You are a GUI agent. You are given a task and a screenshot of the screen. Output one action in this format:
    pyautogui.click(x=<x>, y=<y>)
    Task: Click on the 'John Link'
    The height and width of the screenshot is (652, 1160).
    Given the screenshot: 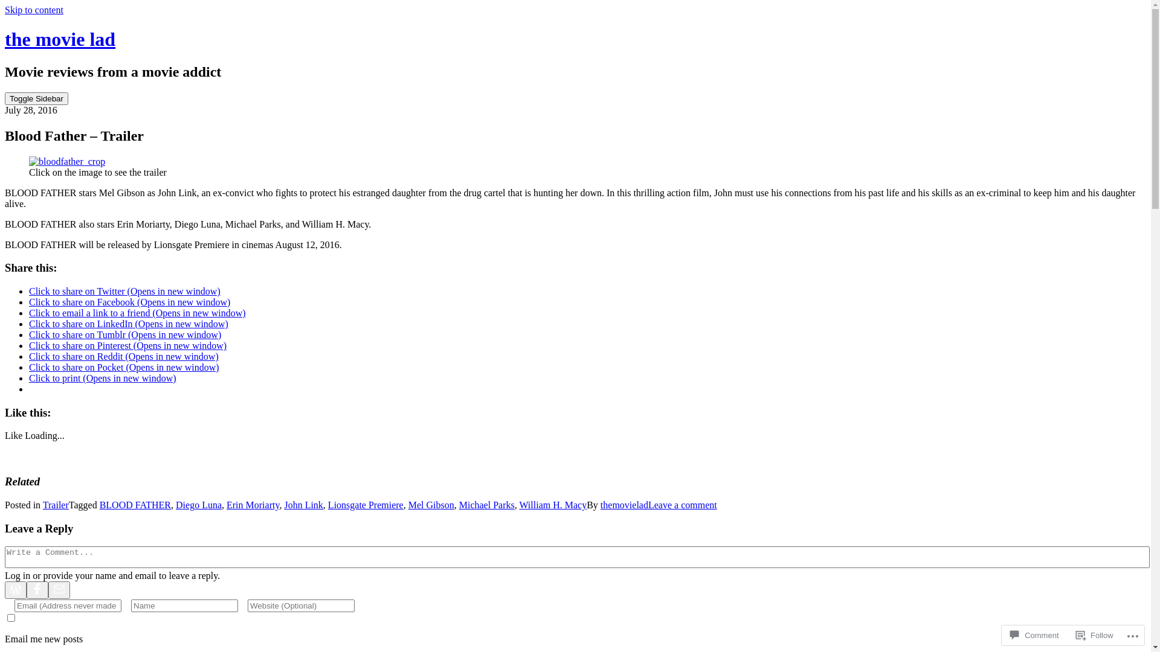 What is the action you would take?
    pyautogui.click(x=303, y=505)
    